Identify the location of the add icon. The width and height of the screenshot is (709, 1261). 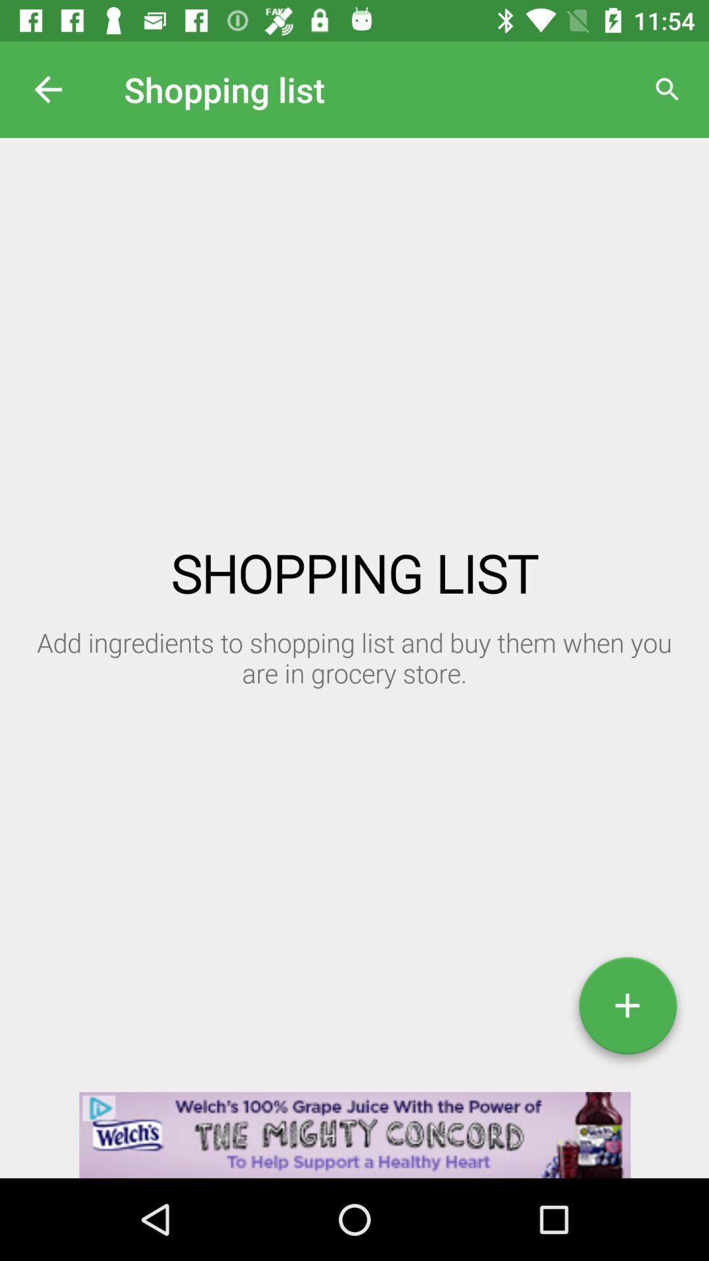
(627, 1010).